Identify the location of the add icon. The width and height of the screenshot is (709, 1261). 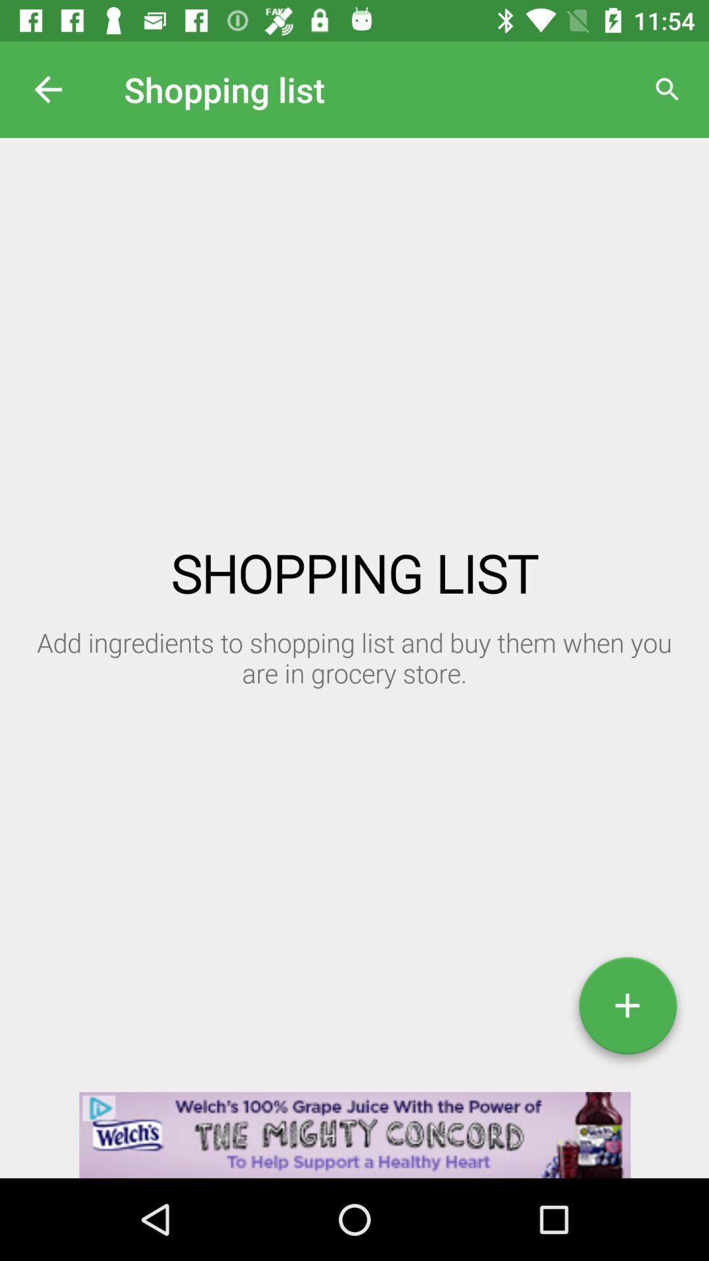
(627, 1010).